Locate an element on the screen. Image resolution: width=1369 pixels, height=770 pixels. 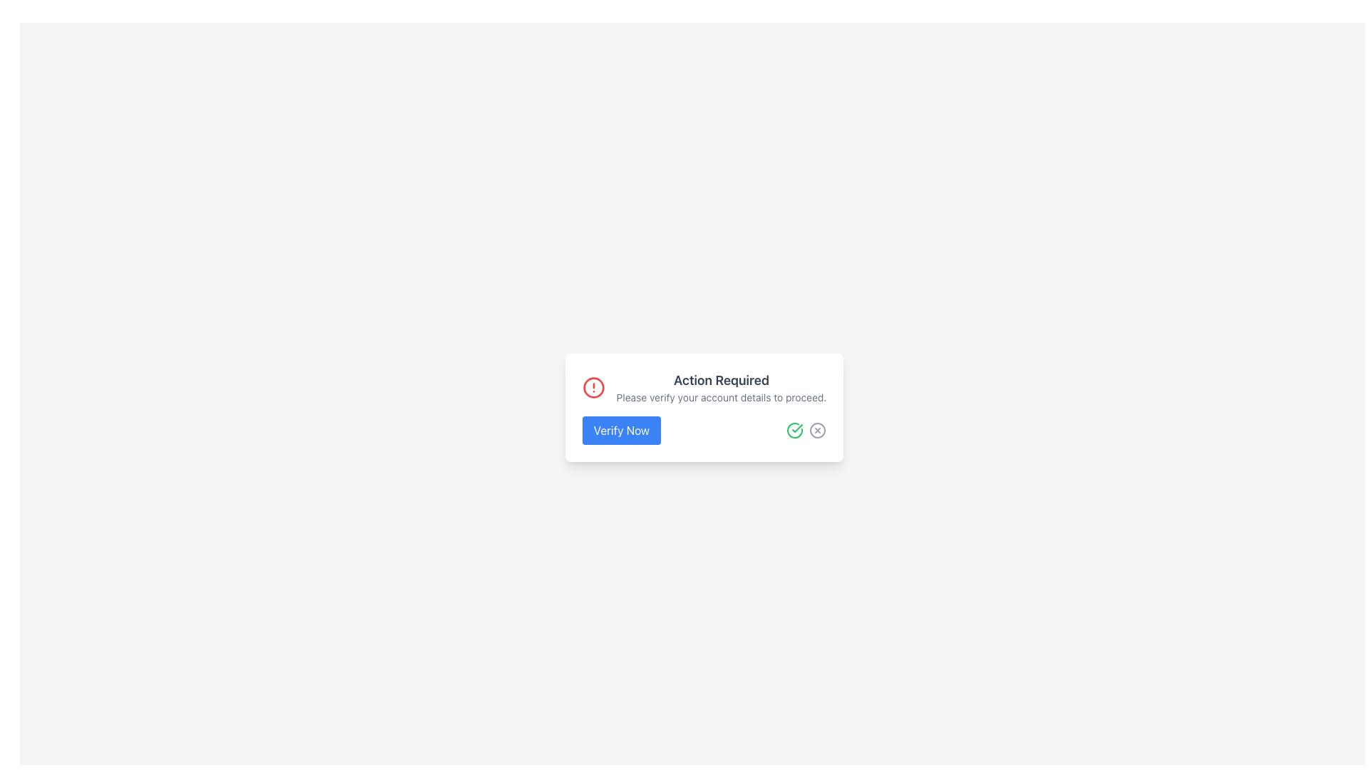
the small circular graphic located within the red-bordered icon adjacent to the text 'Action Required' is located at coordinates (593, 387).